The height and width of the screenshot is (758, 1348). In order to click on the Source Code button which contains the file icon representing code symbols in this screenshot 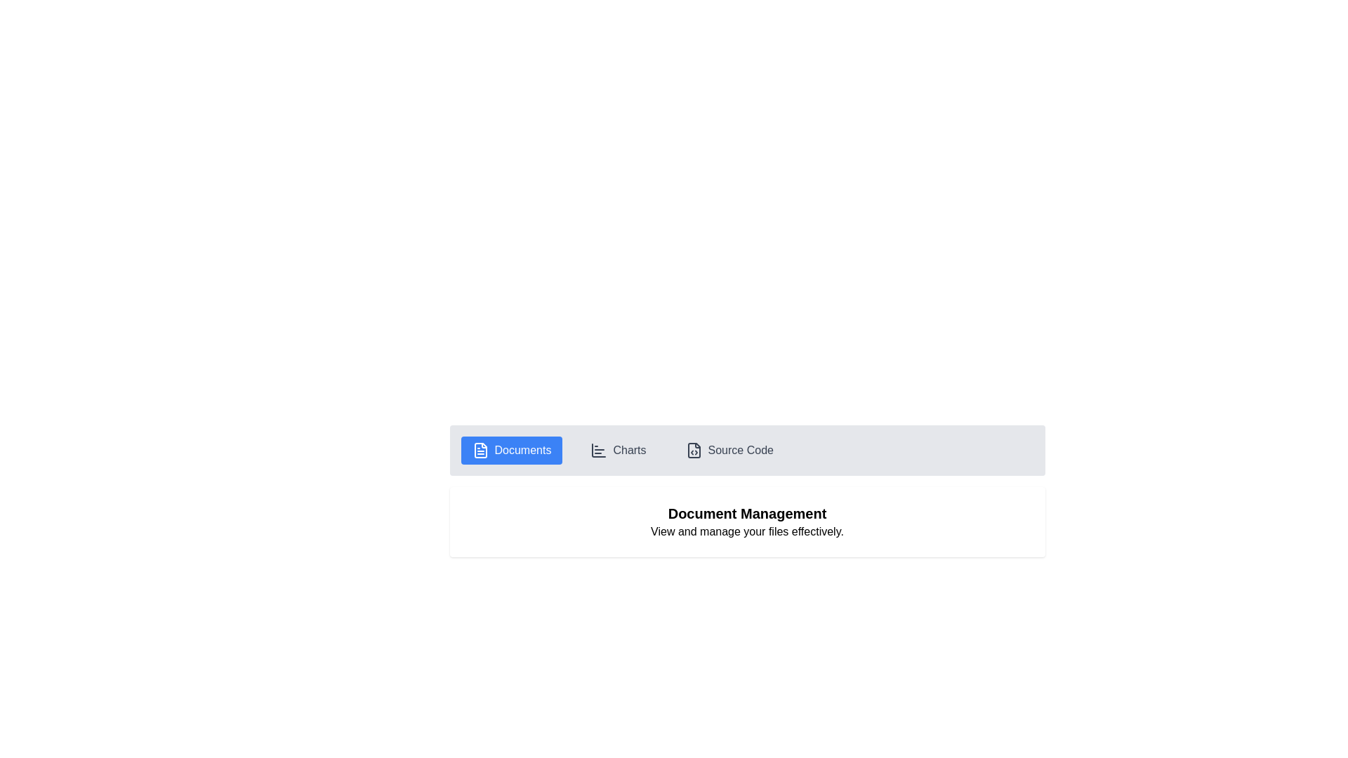, I will do `click(694, 450)`.